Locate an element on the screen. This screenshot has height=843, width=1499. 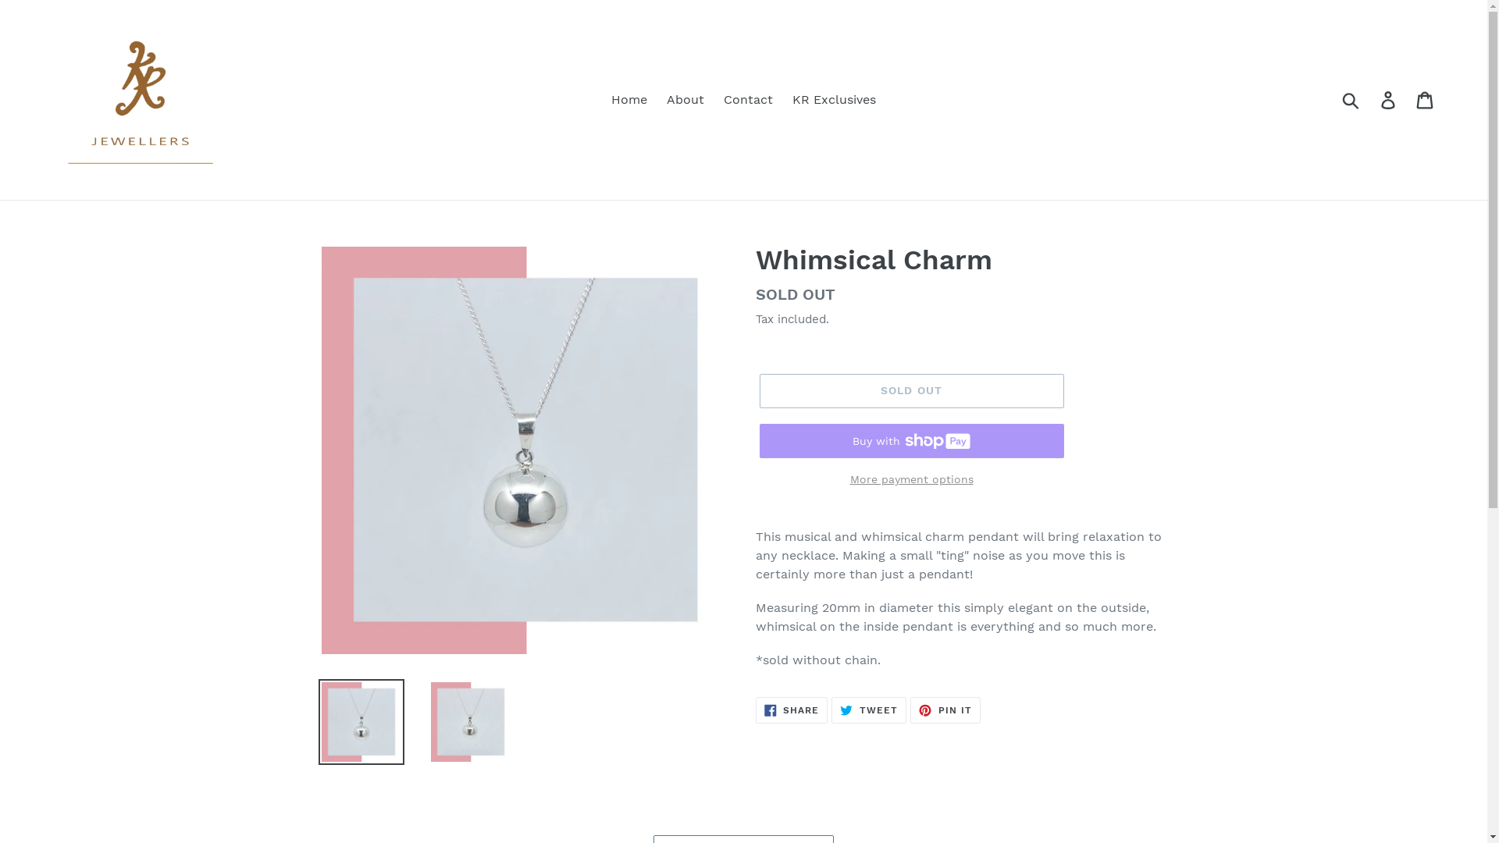
'Submit' is located at coordinates (1351, 99).